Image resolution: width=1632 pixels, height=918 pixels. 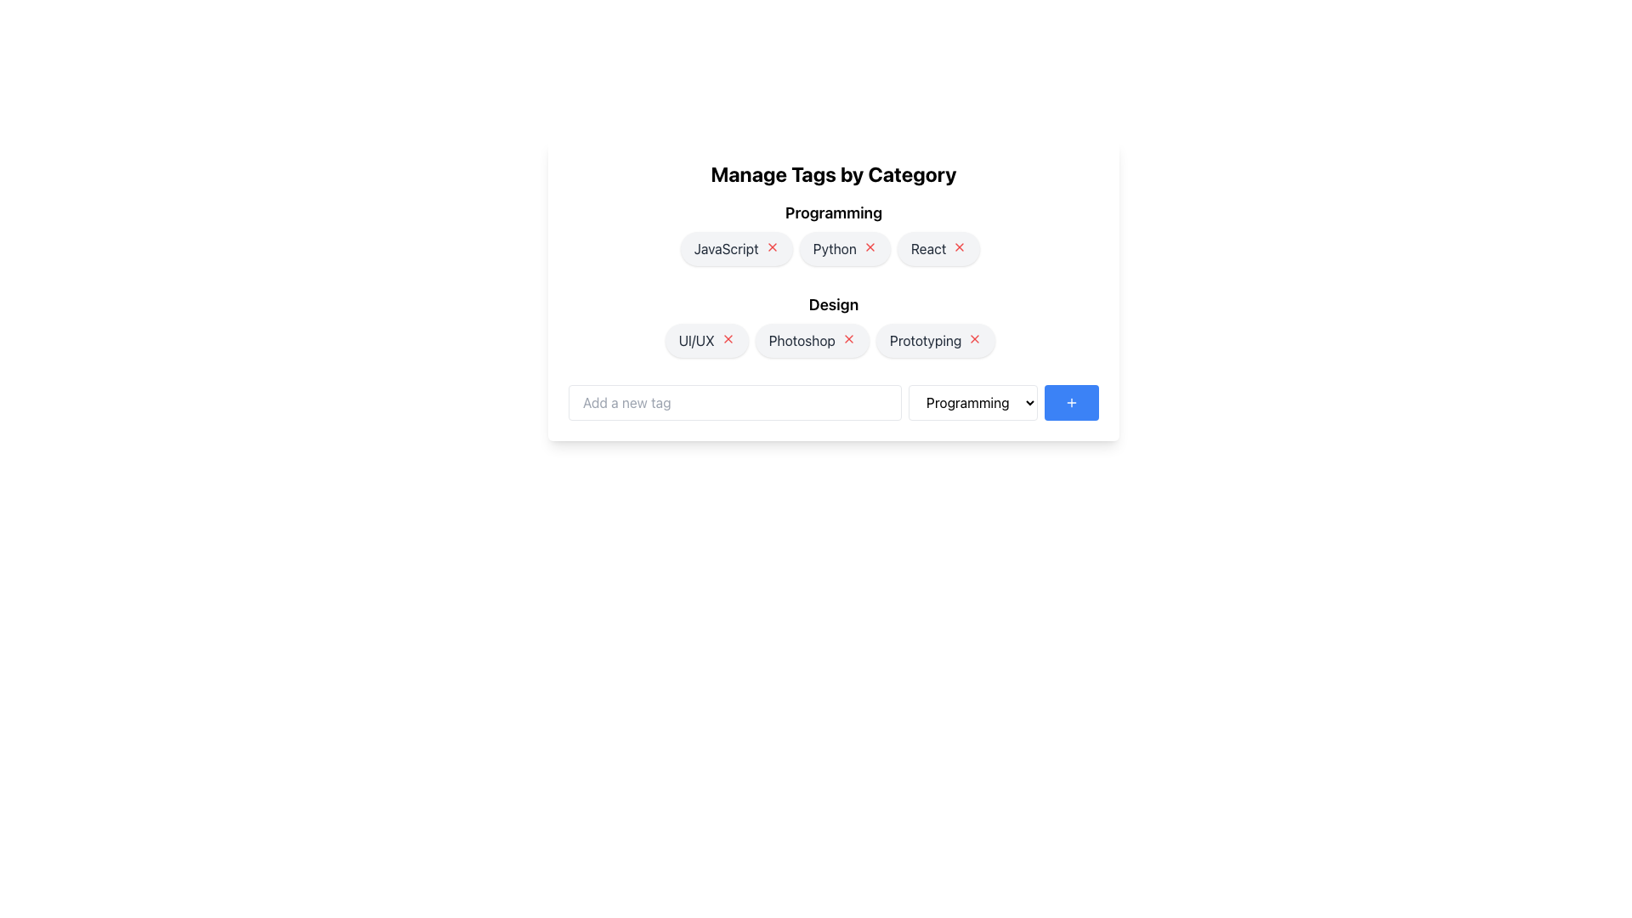 What do you see at coordinates (973, 403) in the screenshot?
I see `the 'Programming' dropdown button, which is a rectangular button with rounded corners containing the text 'Programming' and a downward-pointing arrow icon` at bounding box center [973, 403].